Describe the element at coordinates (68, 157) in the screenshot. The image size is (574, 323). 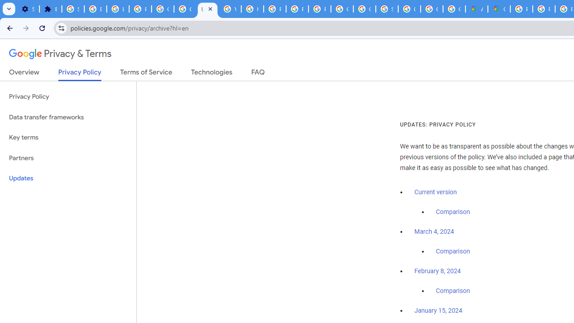
I see `'Partners'` at that location.